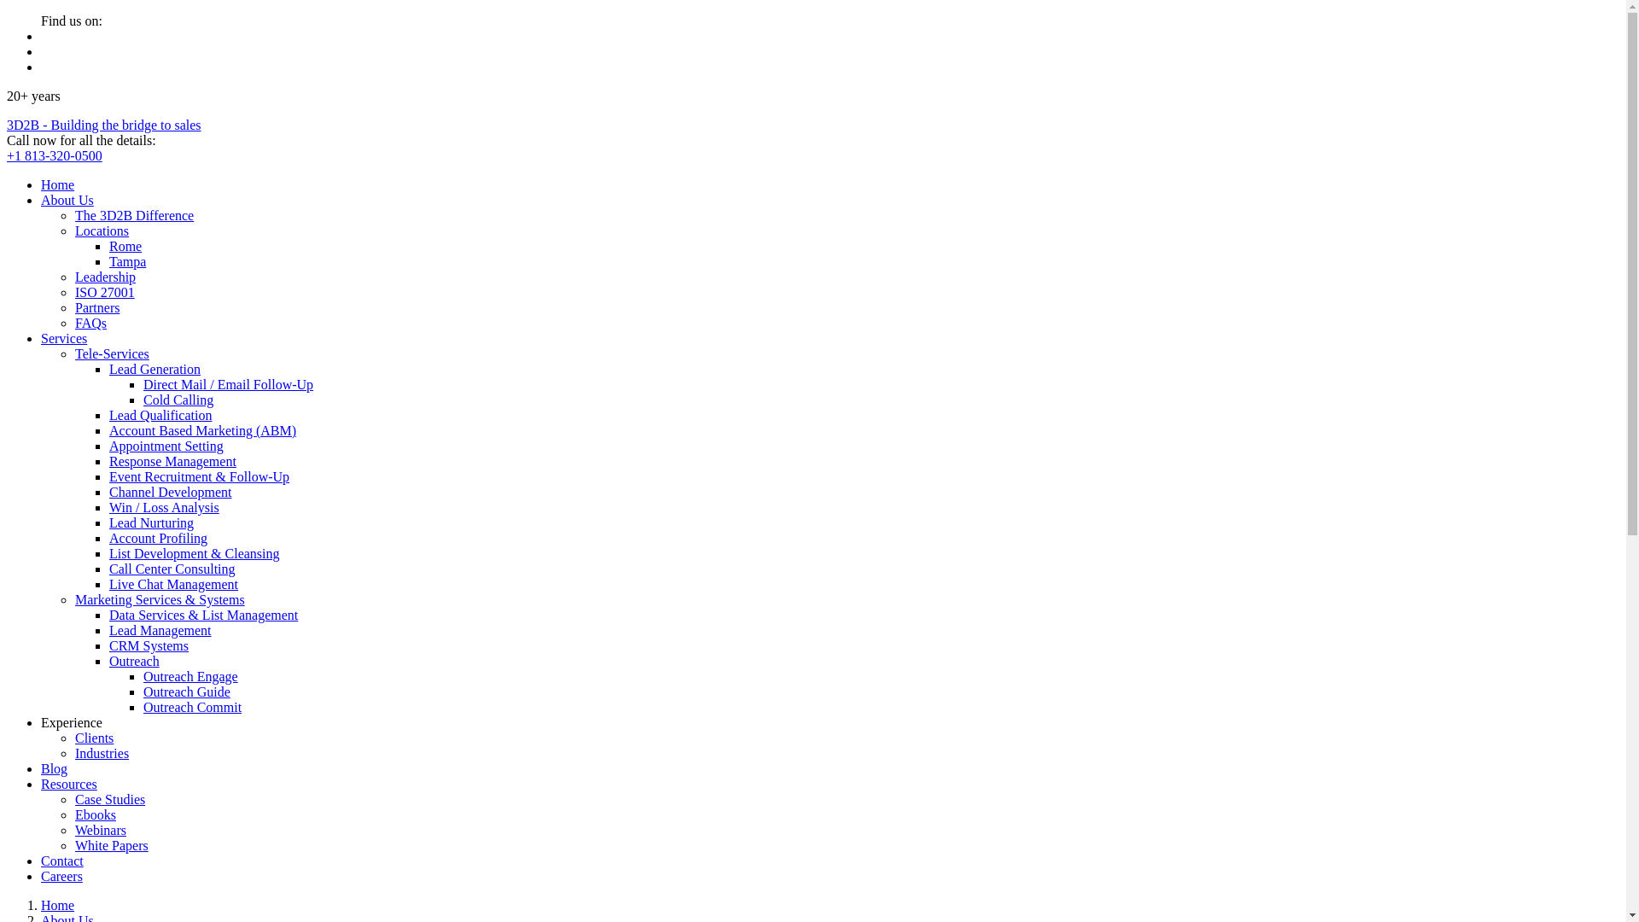  What do you see at coordinates (160, 630) in the screenshot?
I see `'Lead Management'` at bounding box center [160, 630].